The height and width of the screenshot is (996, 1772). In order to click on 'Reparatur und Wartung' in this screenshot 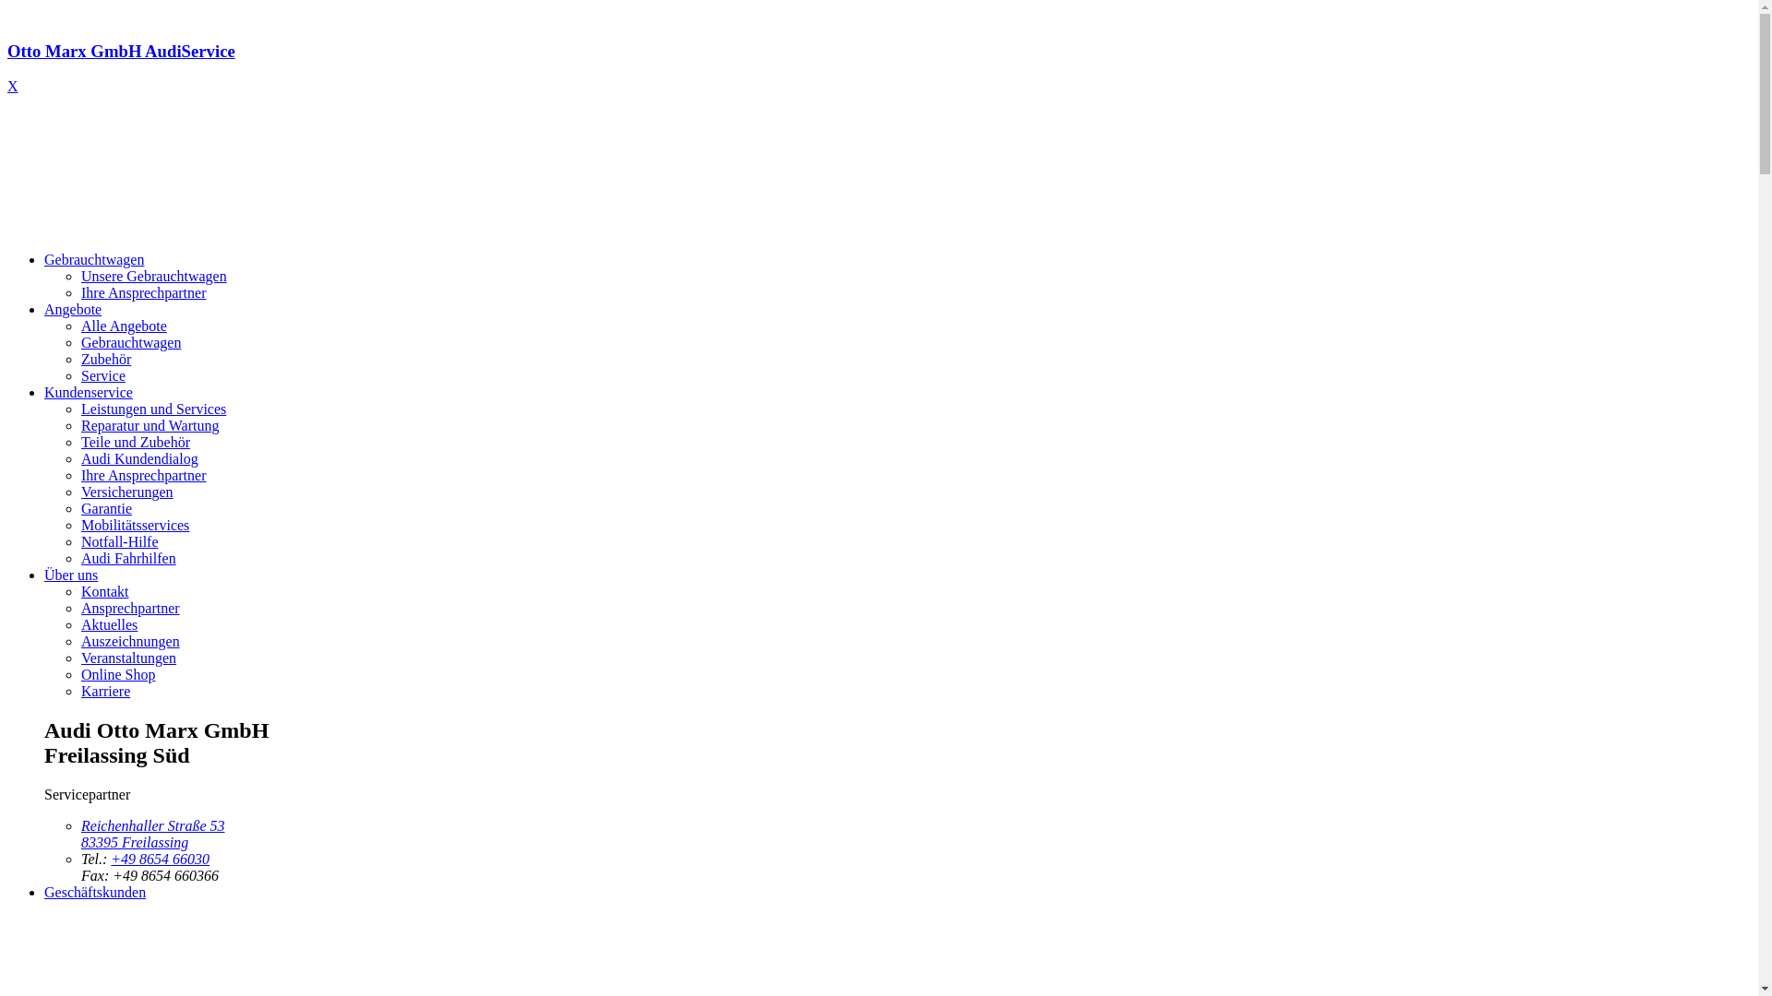, I will do `click(150, 425)`.